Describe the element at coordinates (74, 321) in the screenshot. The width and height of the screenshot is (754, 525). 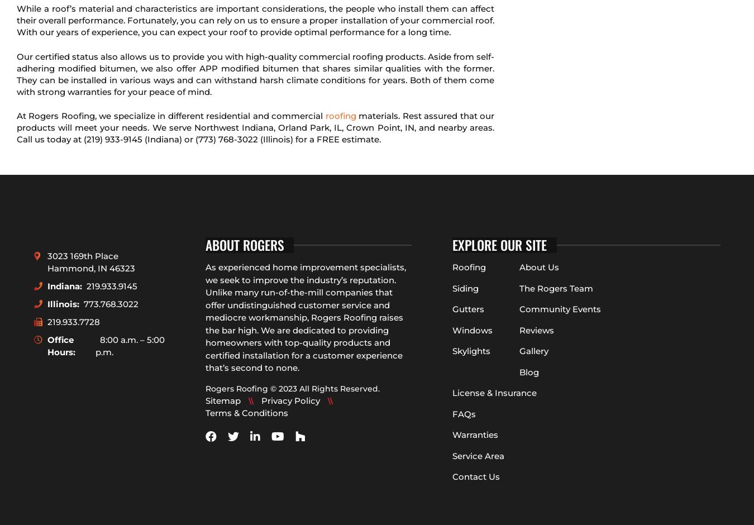
I see `'219.933.7728'` at that location.